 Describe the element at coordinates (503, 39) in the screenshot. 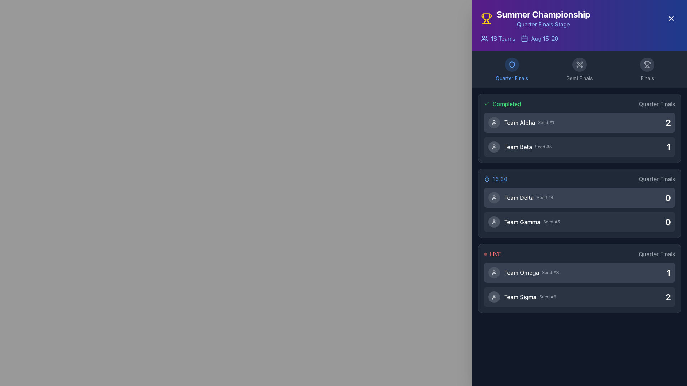

I see `the informational text label indicating the number of teams, positioned centrally in the top-right quadrant, between the user group icon and the date range text ('Aug 15-20')` at that location.